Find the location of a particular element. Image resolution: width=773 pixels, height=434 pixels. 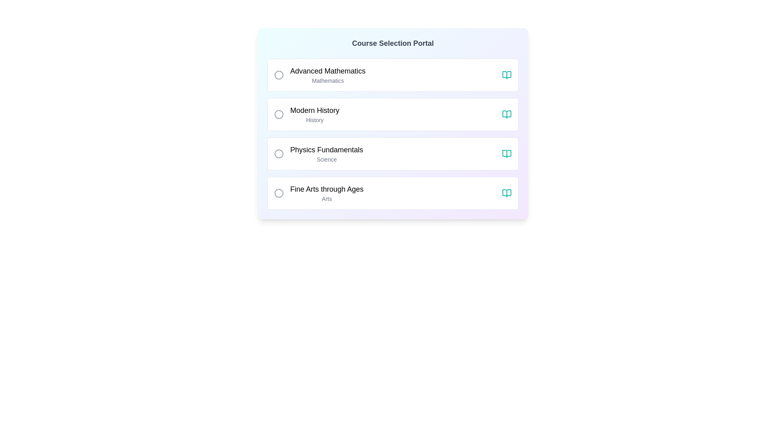

the 'Advanced Mathematics' selectable list item is located at coordinates (319, 75).